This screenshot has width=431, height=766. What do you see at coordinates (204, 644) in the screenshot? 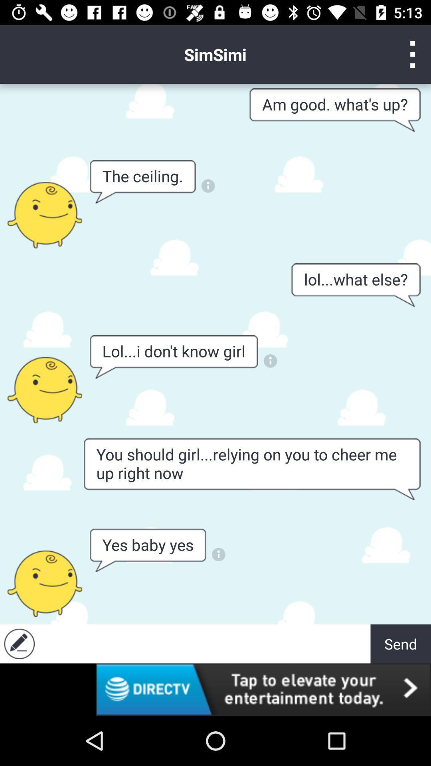
I see `write text` at bounding box center [204, 644].